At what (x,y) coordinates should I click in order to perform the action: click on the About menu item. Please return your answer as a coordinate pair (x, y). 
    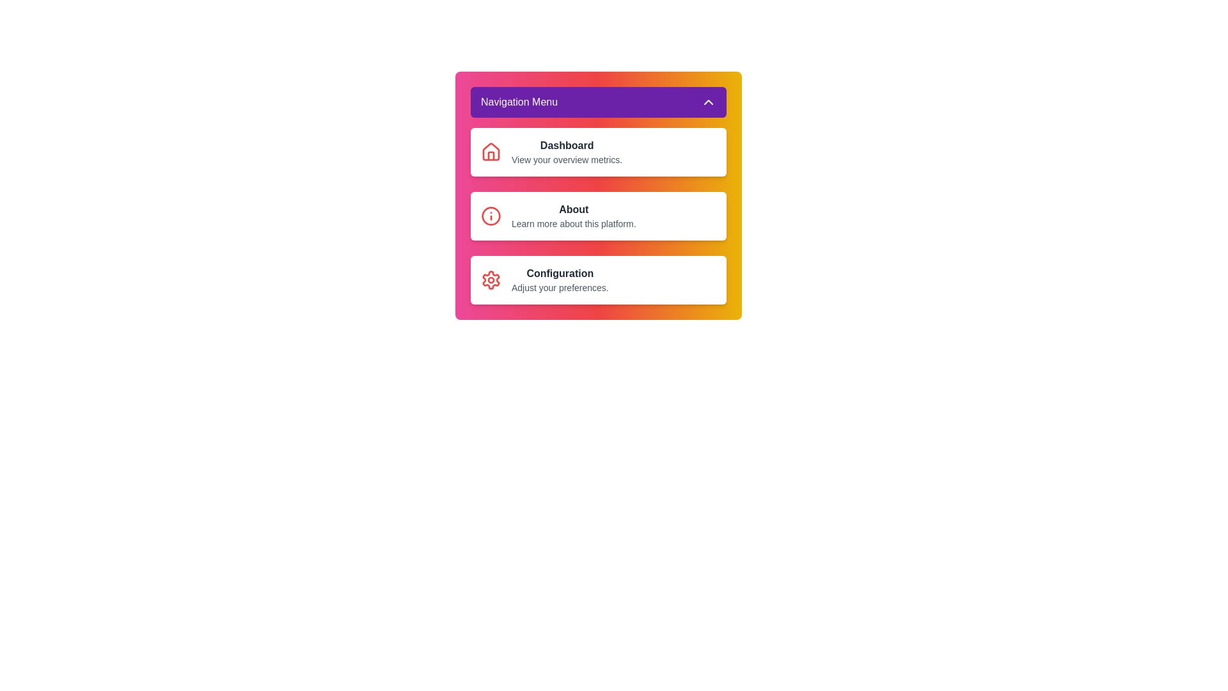
    Looking at the image, I should click on (598, 216).